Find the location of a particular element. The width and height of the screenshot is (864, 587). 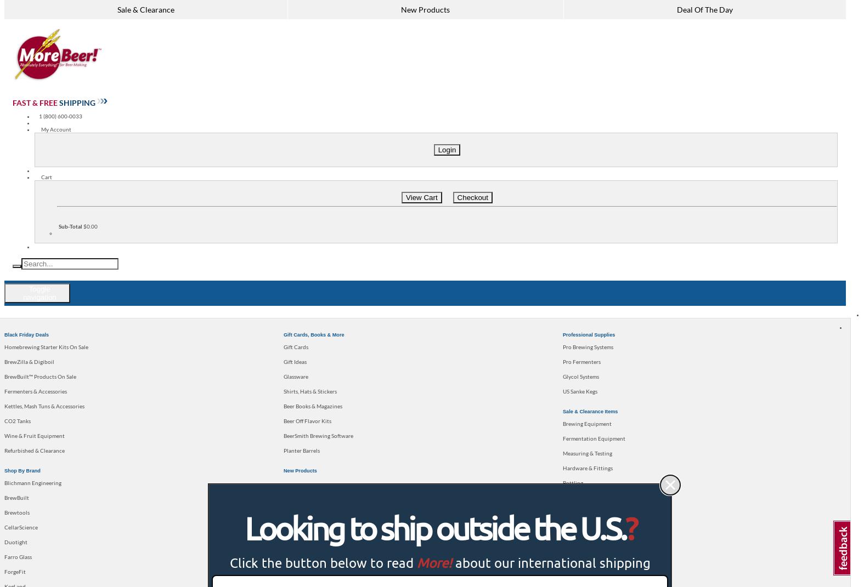

'Click the button below to read' is located at coordinates (323, 562).